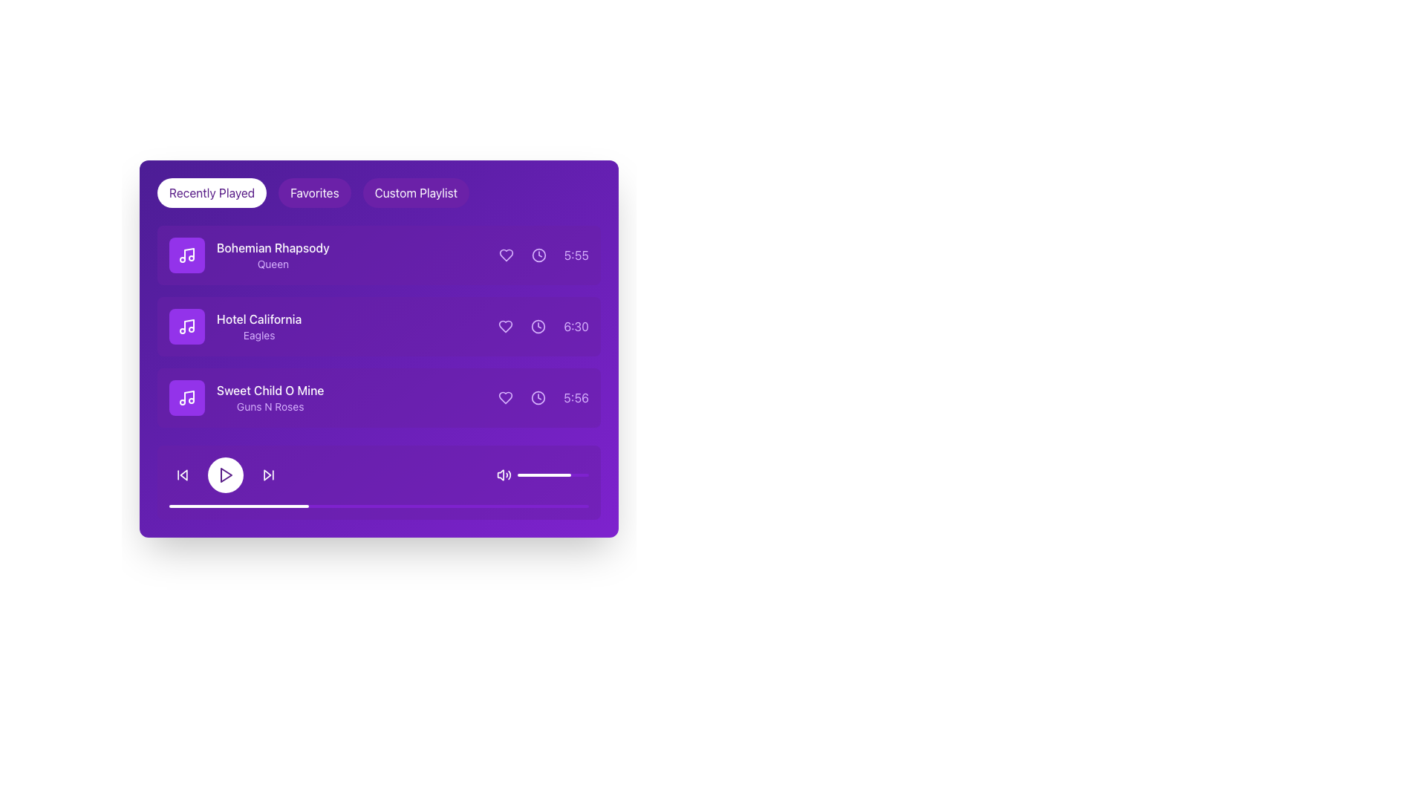 The height and width of the screenshot is (802, 1426). I want to click on the song title text label in the music player panel, which displays the title of the song and is located in the third list item from the top, so click(270, 389).